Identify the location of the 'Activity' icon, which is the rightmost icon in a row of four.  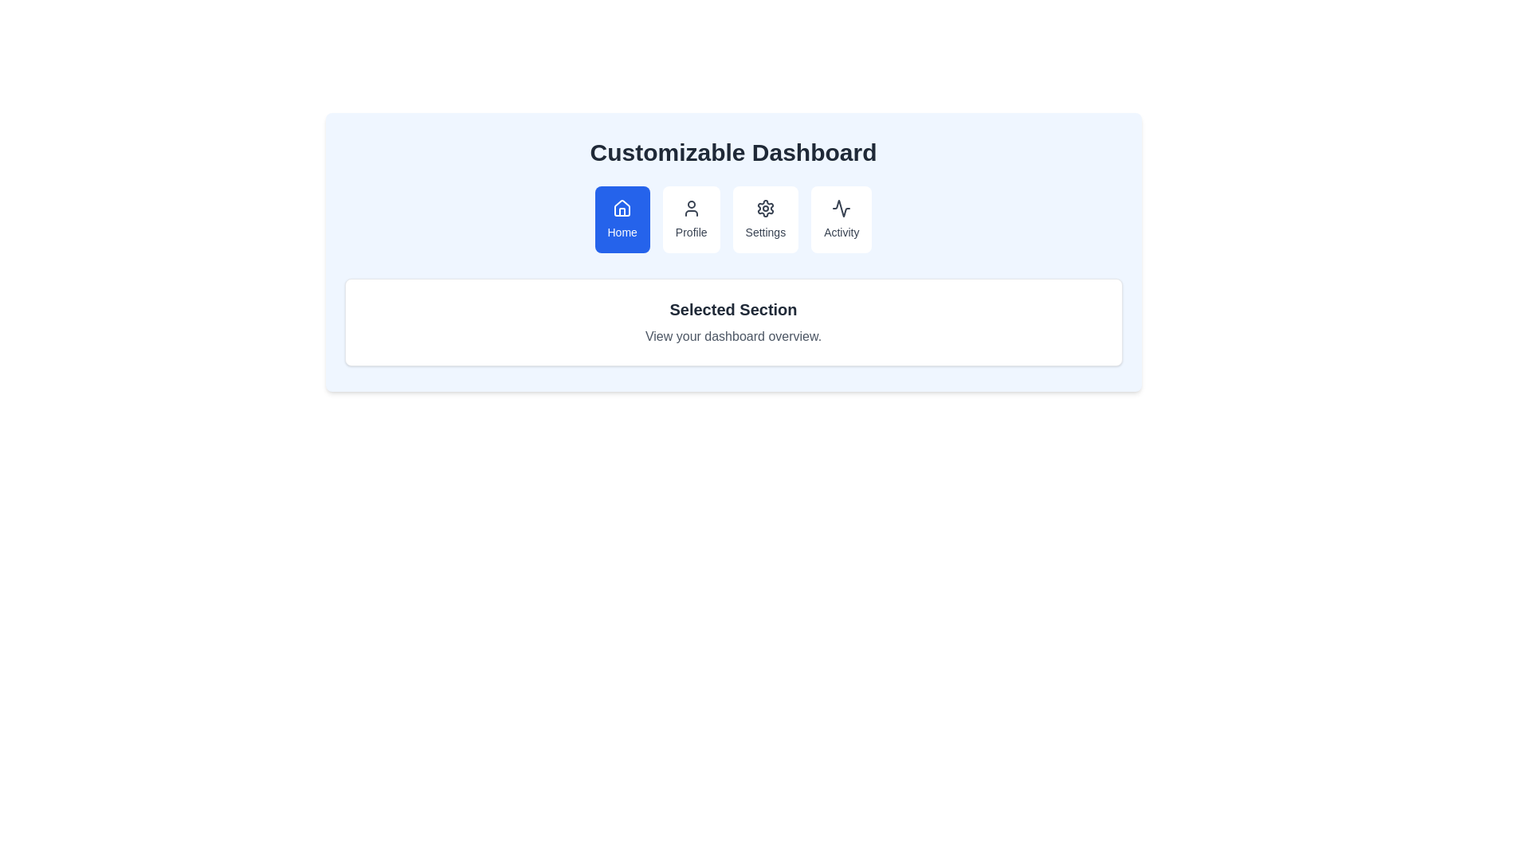
(841, 208).